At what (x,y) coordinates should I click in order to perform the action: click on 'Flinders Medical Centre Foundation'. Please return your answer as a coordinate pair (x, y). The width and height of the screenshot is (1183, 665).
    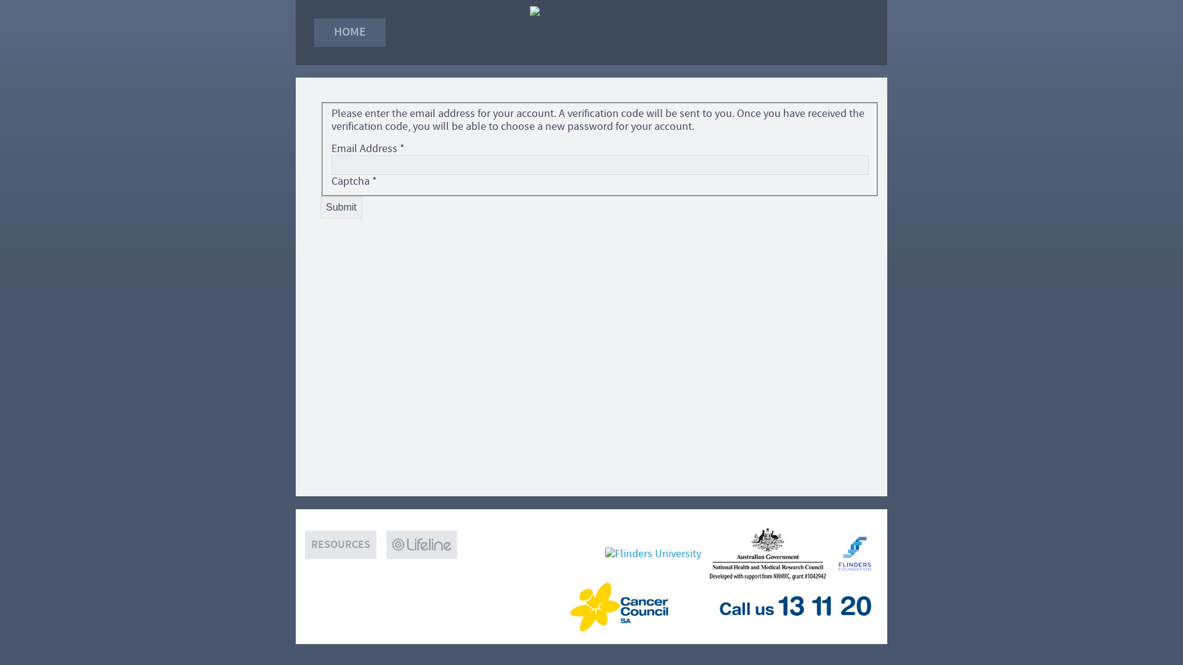
    Looking at the image, I should click on (856, 552).